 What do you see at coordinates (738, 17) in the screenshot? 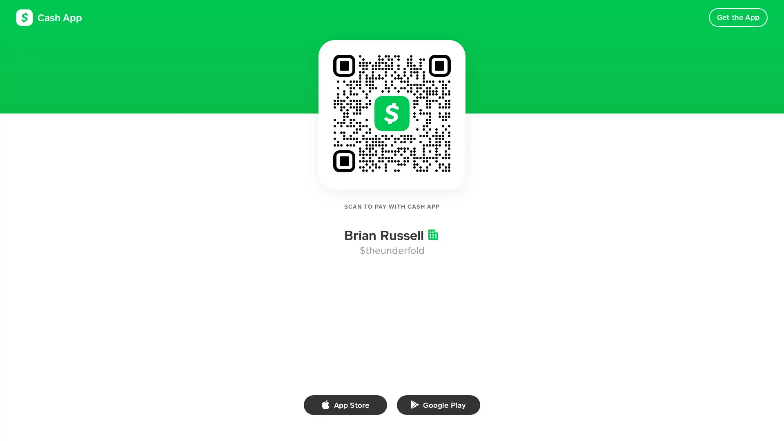
I see `Get the App` at bounding box center [738, 17].